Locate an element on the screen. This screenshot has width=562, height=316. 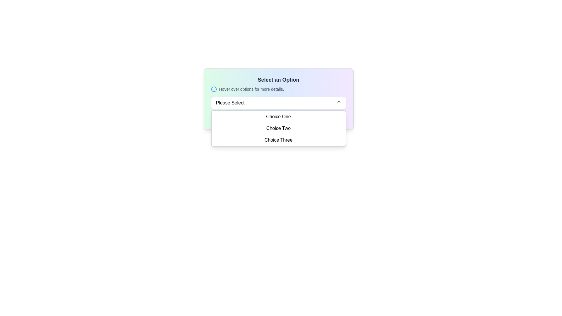
the dropdown menu labeled 'Please Select' in the UI card that features a gradient background and the title 'Select an Option' is located at coordinates (278, 99).